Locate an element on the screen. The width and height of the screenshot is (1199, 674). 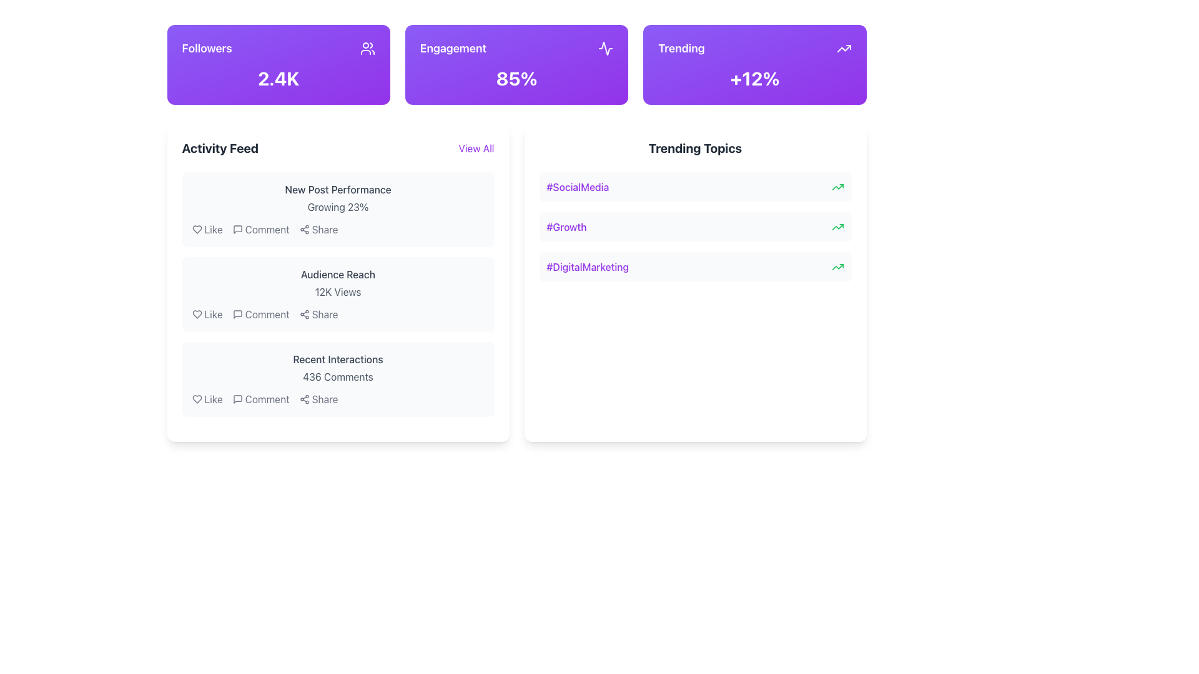
the comment label or button in the 'Activity Feed' section, specifically in the second list item labeled 'Audience Reach', located between a chat bubble icon and a 'Share' button is located at coordinates (267, 314).